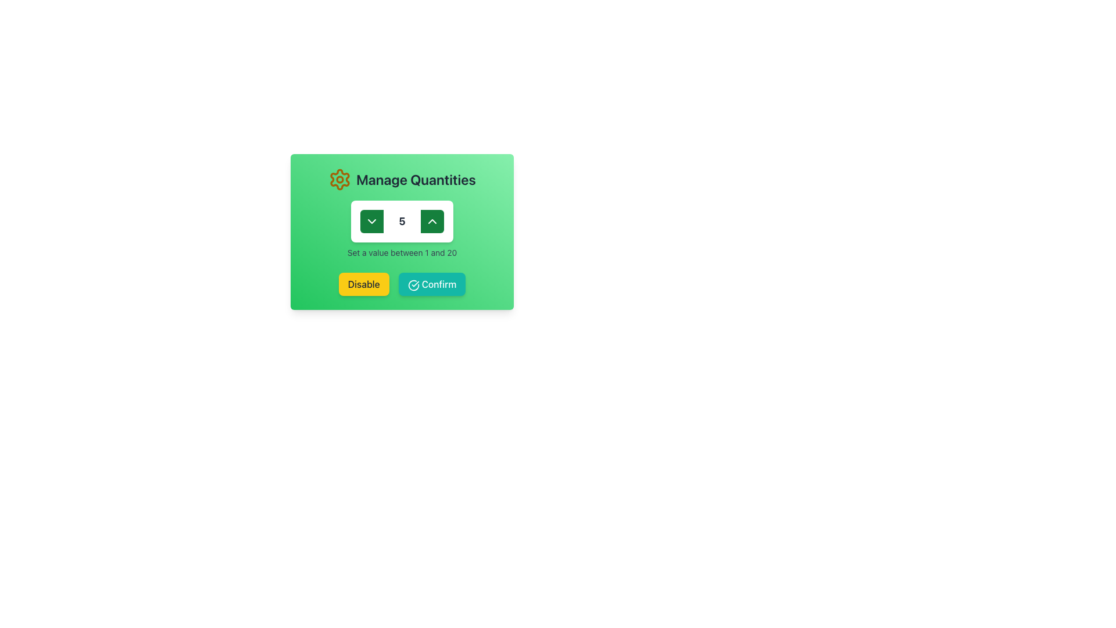 The image size is (1116, 628). I want to click on the numeric value displayed in the center of the composite component consisting of two arrow buttons and a numeric display, located below the heading 'Manage Quantities', so click(402, 222).